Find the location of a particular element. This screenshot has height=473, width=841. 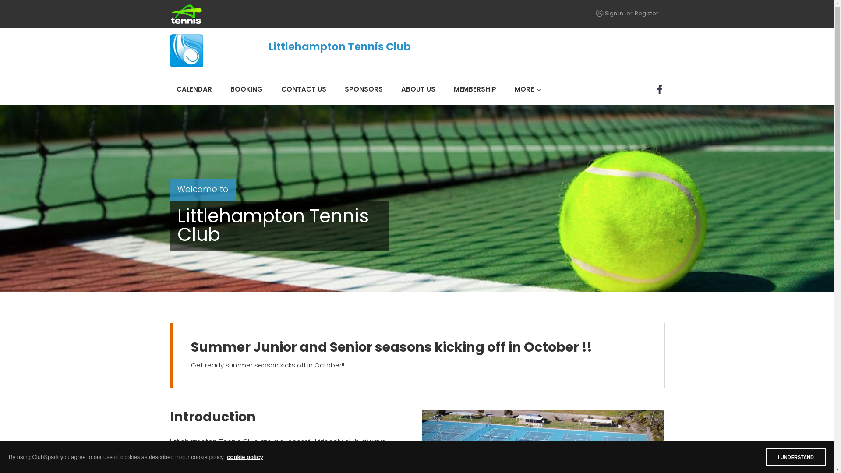

'Register' is located at coordinates (646, 13).